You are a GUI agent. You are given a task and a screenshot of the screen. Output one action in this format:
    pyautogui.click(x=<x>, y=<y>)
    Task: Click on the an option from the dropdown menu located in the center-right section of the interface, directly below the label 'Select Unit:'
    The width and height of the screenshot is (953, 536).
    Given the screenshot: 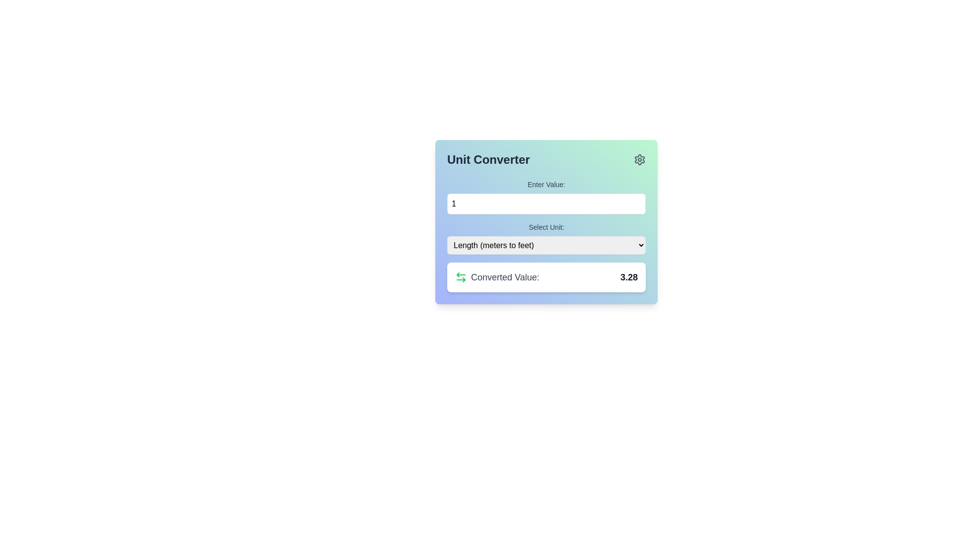 What is the action you would take?
    pyautogui.click(x=545, y=245)
    